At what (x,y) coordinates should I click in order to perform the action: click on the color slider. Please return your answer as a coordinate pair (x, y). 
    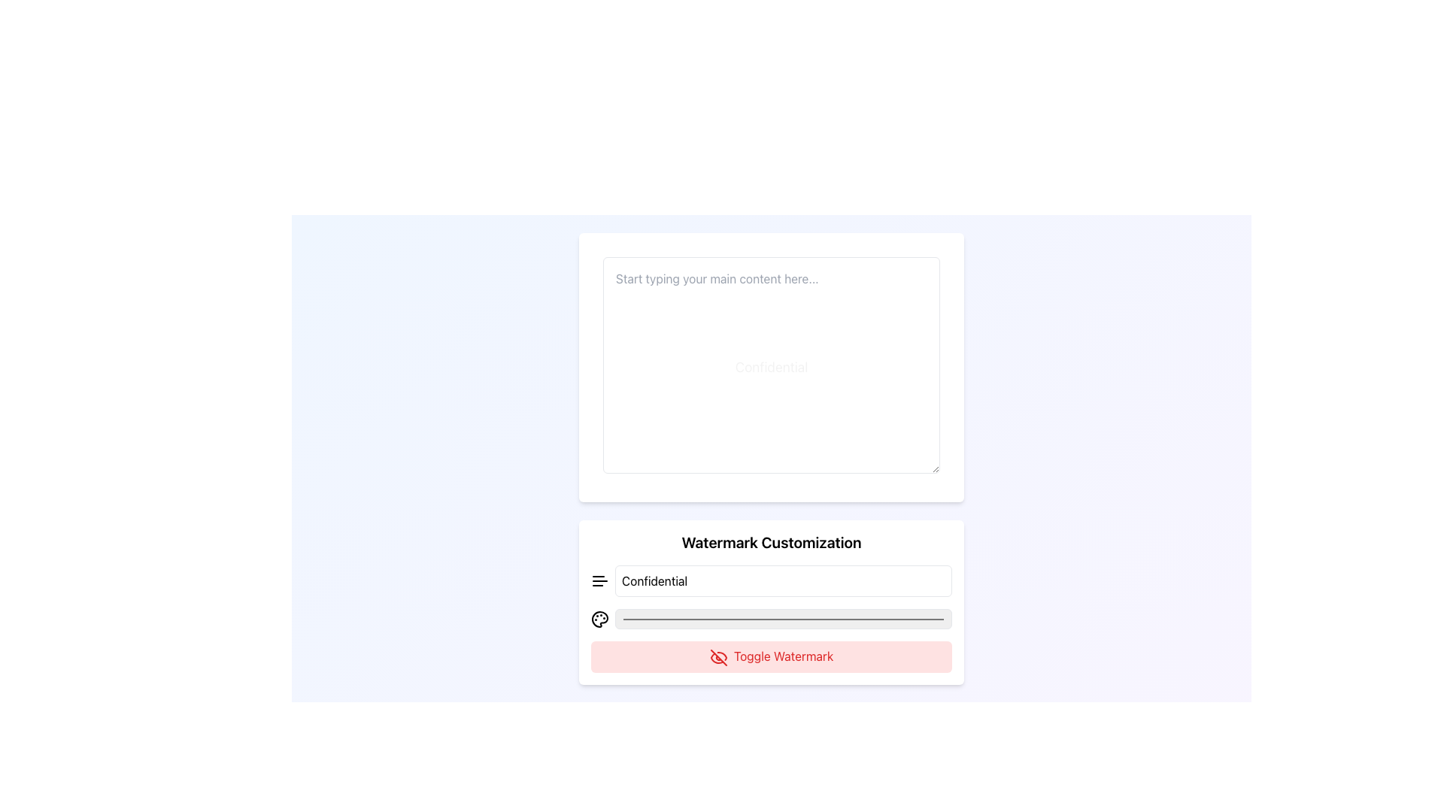
    Looking at the image, I should click on (901, 619).